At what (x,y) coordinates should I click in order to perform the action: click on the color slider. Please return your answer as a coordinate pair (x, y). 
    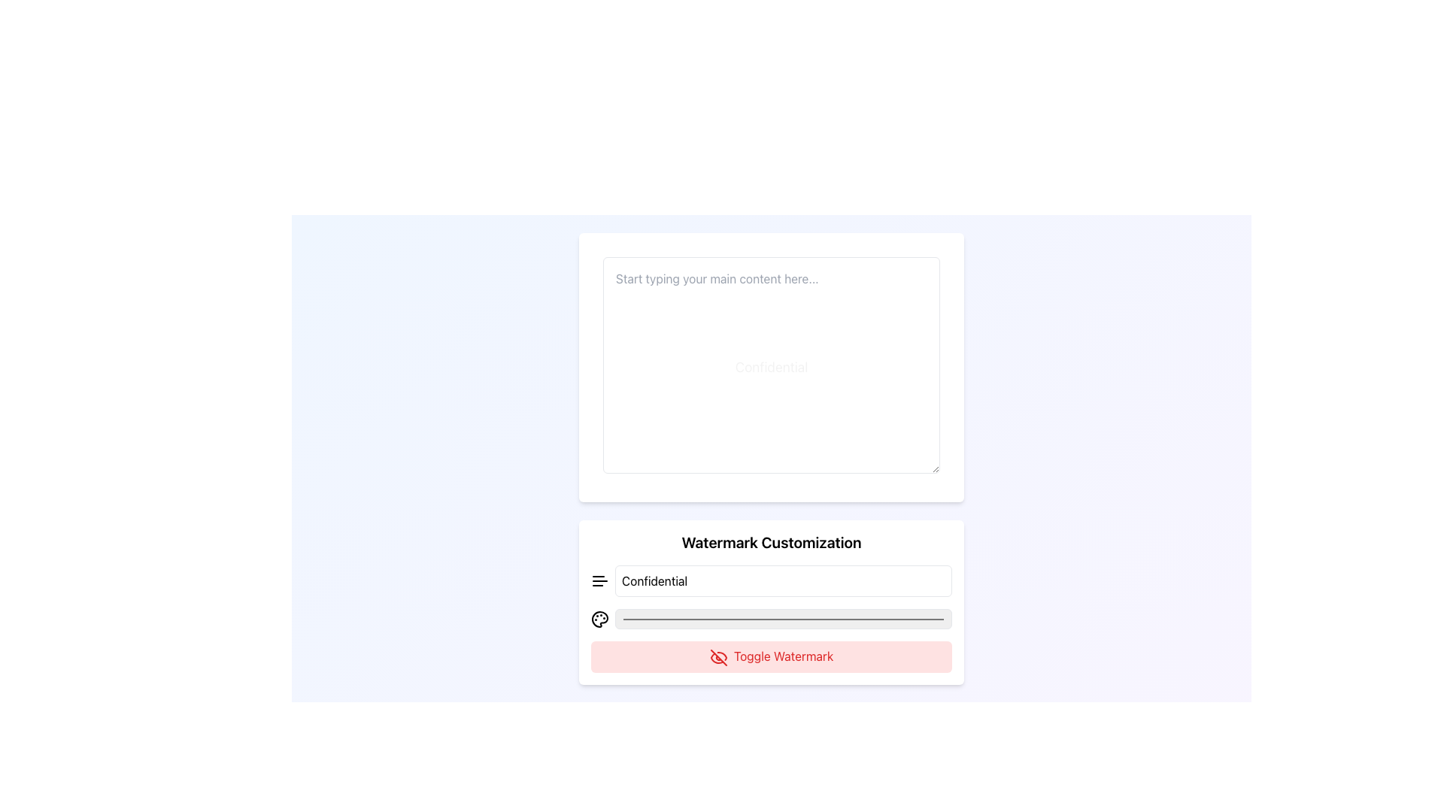
    Looking at the image, I should click on (901, 619).